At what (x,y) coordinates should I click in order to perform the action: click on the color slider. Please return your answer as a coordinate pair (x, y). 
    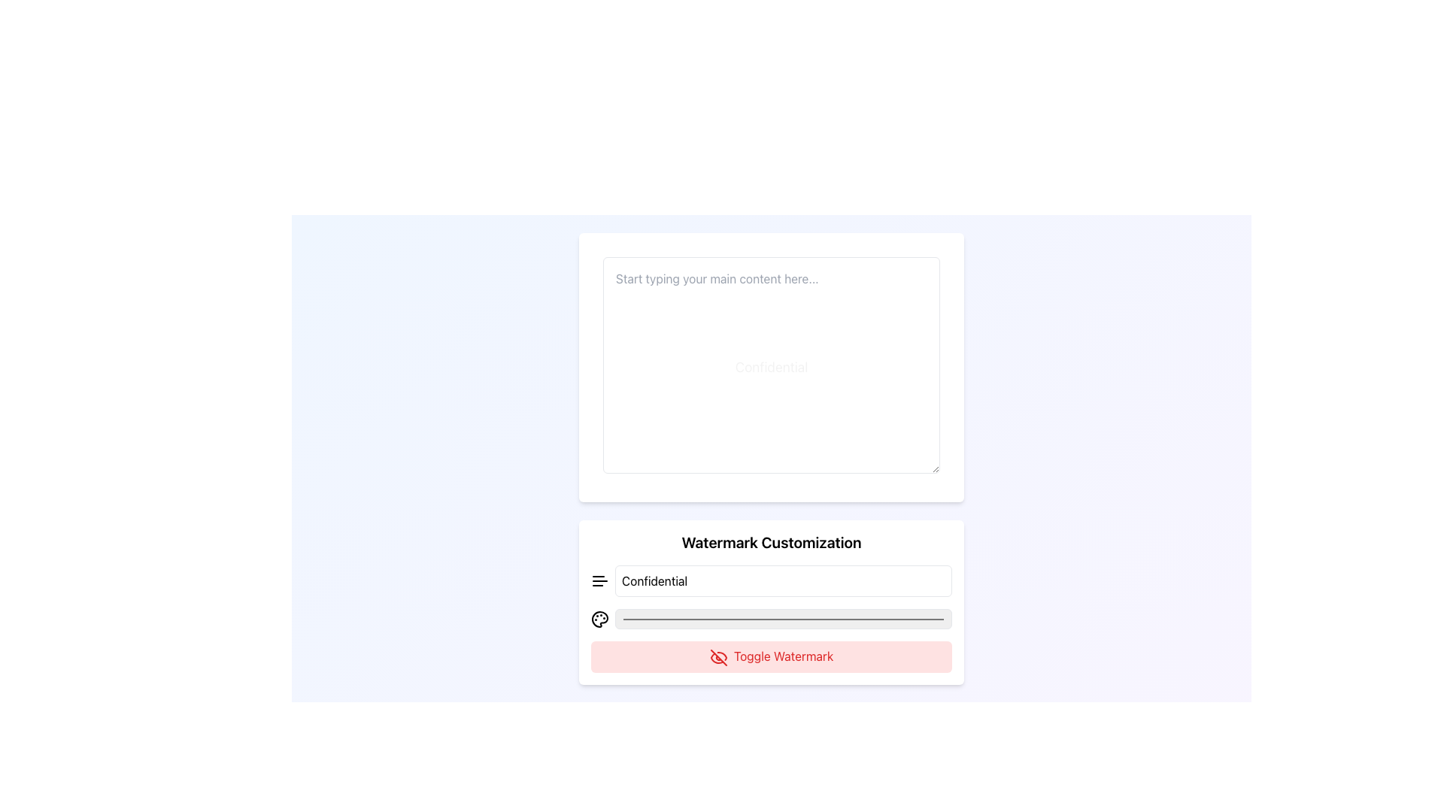
    Looking at the image, I should click on (901, 619).